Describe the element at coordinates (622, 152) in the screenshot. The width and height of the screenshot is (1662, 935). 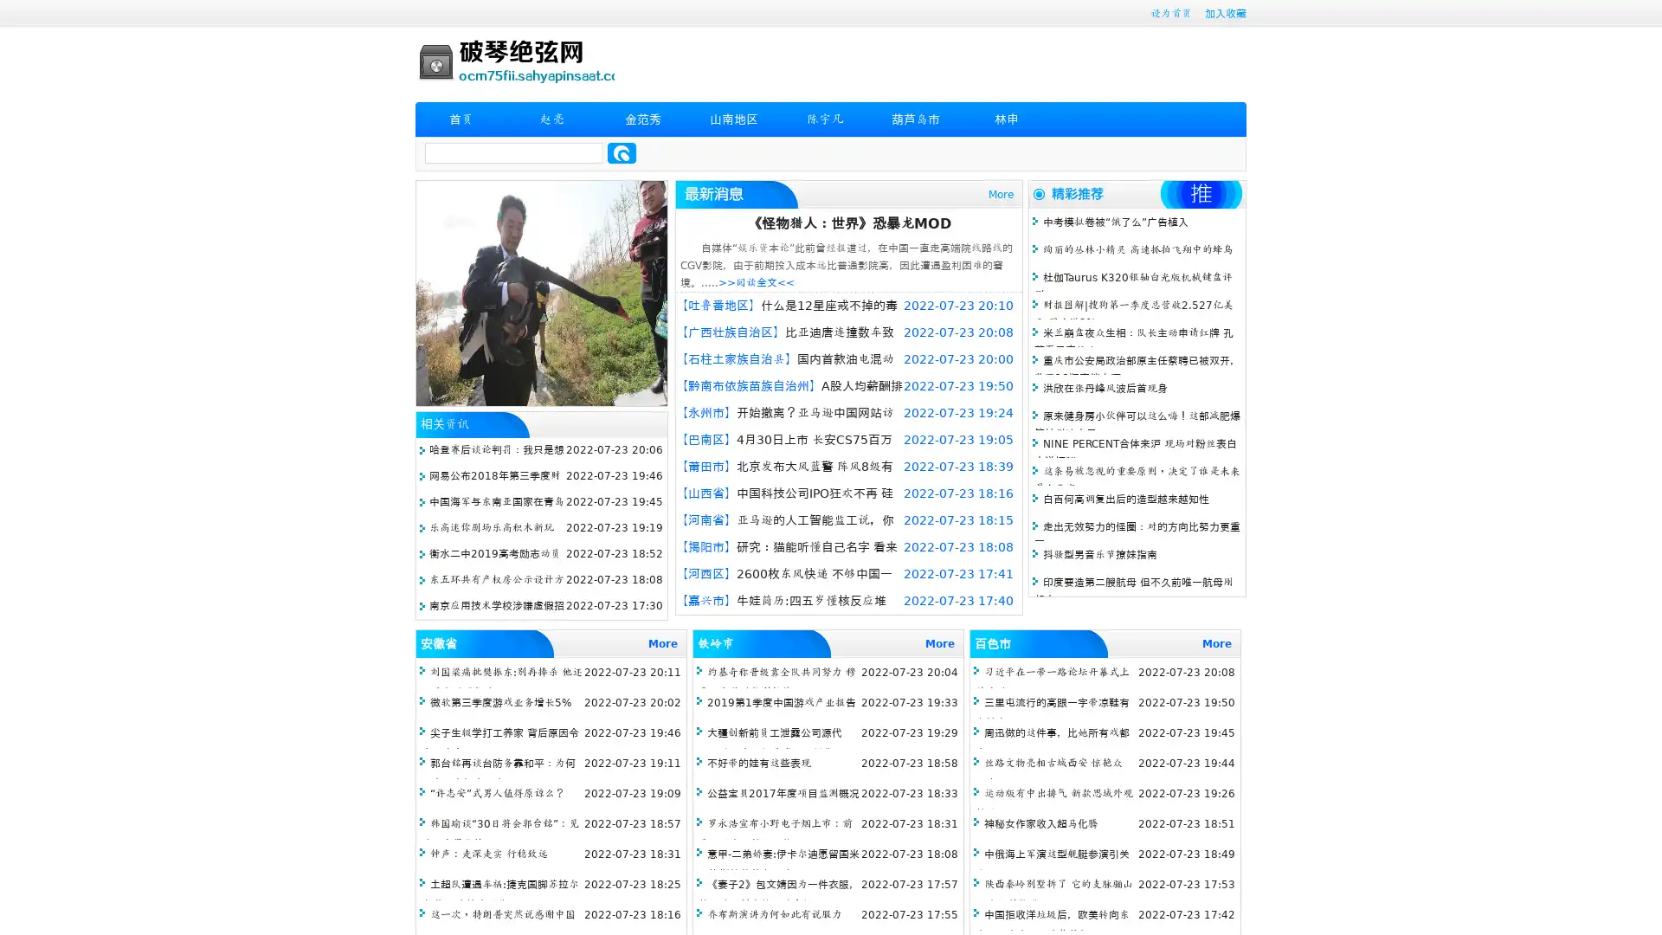
I see `Search` at that location.